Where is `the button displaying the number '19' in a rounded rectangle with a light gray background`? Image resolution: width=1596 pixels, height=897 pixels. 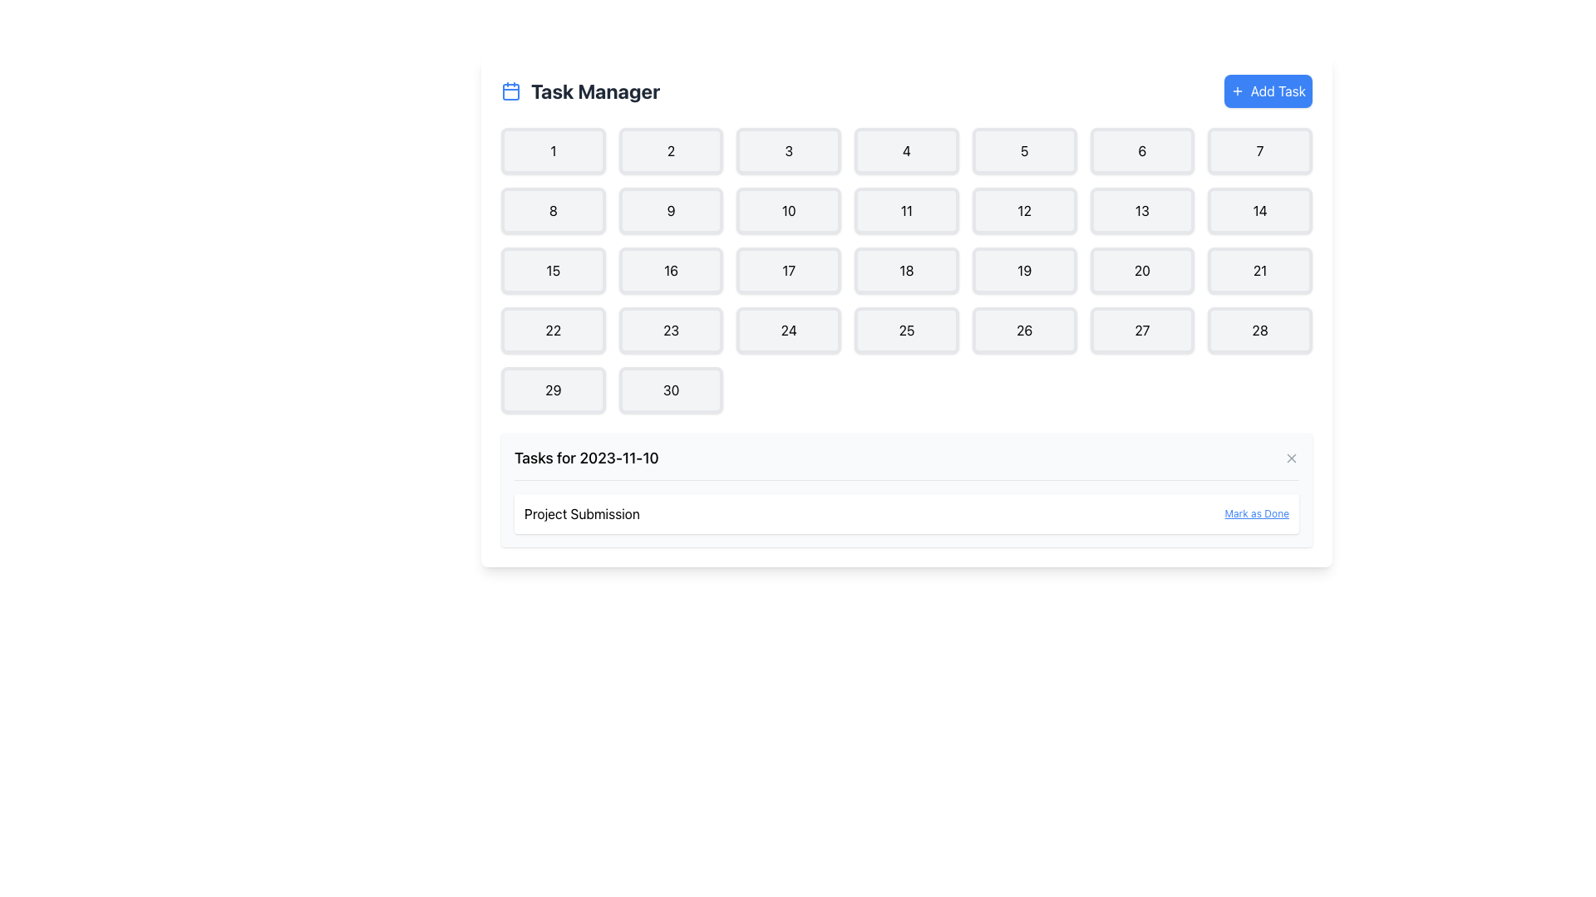 the button displaying the number '19' in a rounded rectangle with a light gray background is located at coordinates (1023, 270).